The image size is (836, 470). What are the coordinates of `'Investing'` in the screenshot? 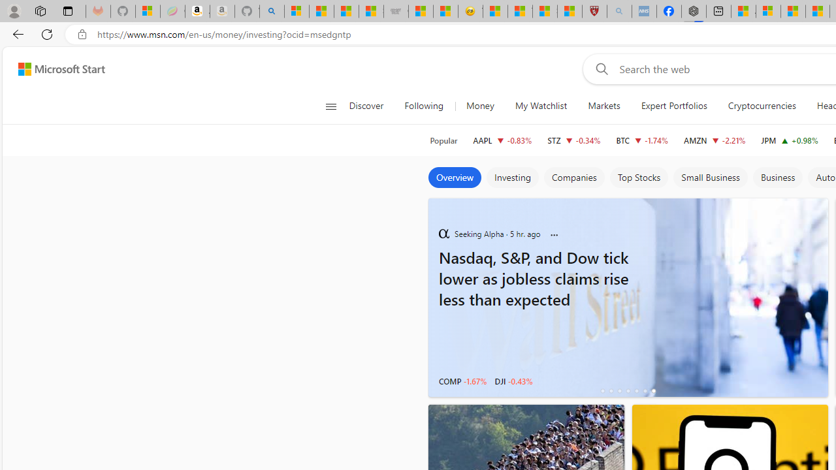 It's located at (511, 178).